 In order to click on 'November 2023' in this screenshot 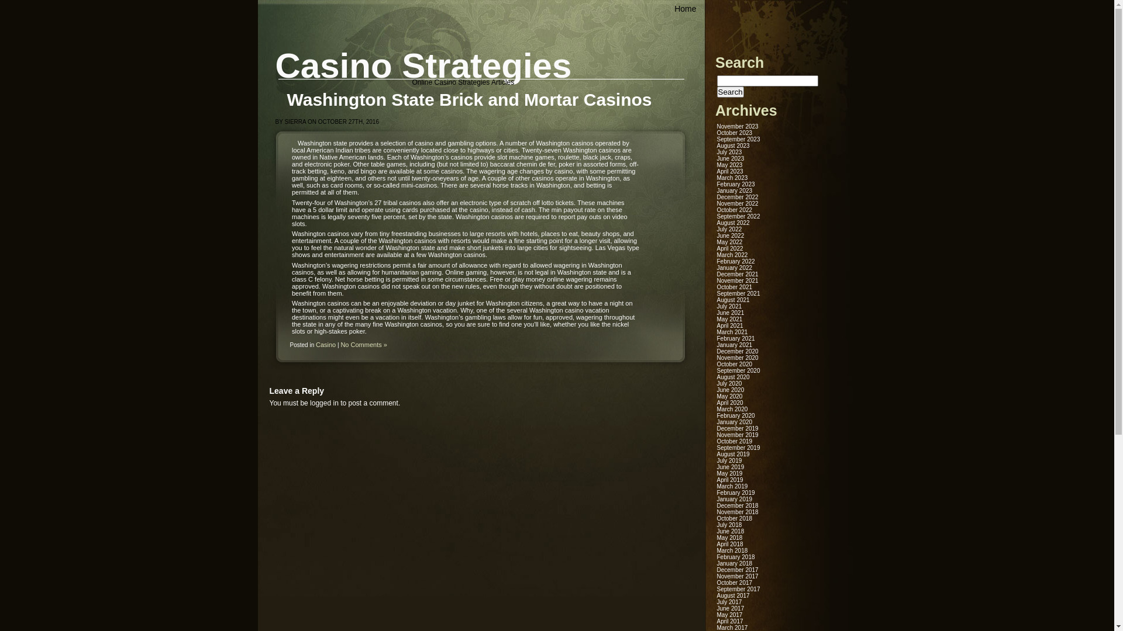, I will do `click(737, 126)`.